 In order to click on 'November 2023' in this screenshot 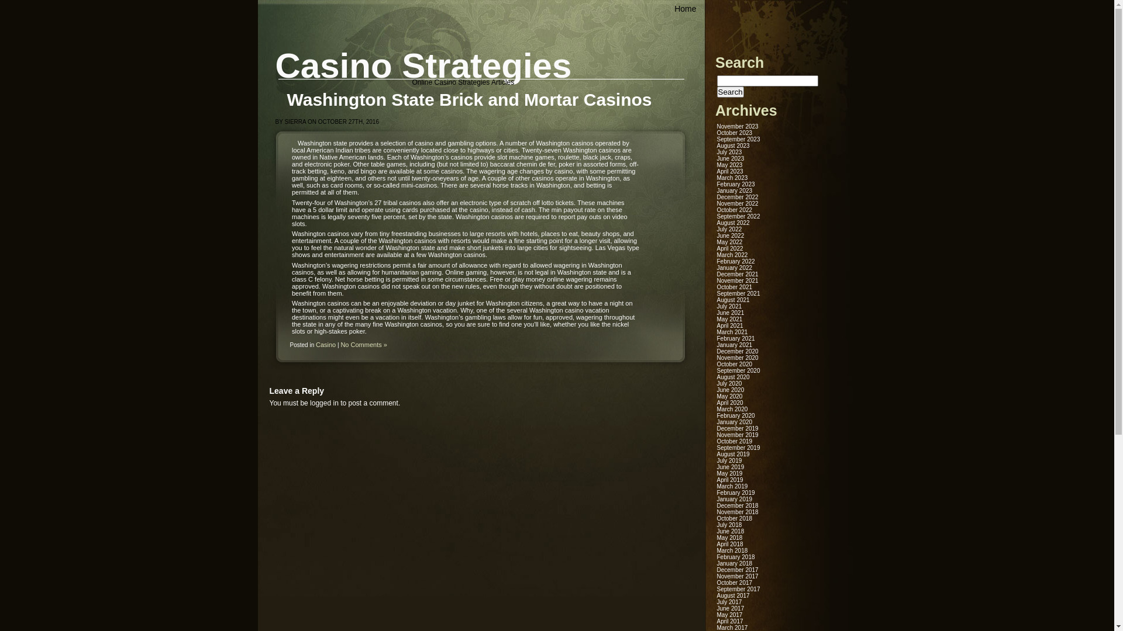, I will do `click(737, 126)`.